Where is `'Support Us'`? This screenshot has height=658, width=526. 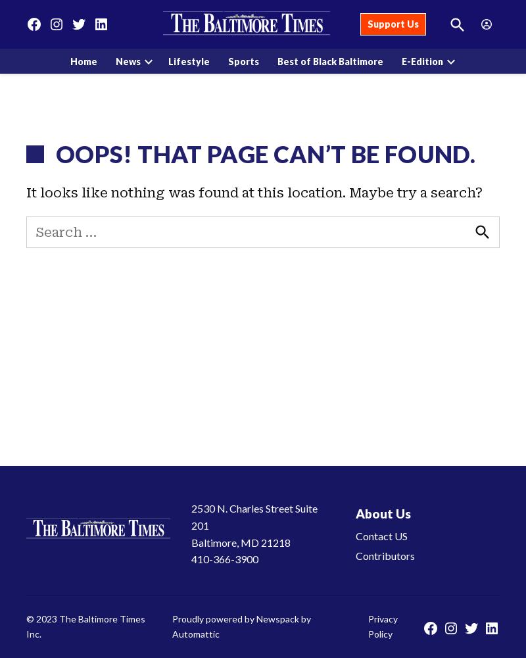 'Support Us' is located at coordinates (393, 24).